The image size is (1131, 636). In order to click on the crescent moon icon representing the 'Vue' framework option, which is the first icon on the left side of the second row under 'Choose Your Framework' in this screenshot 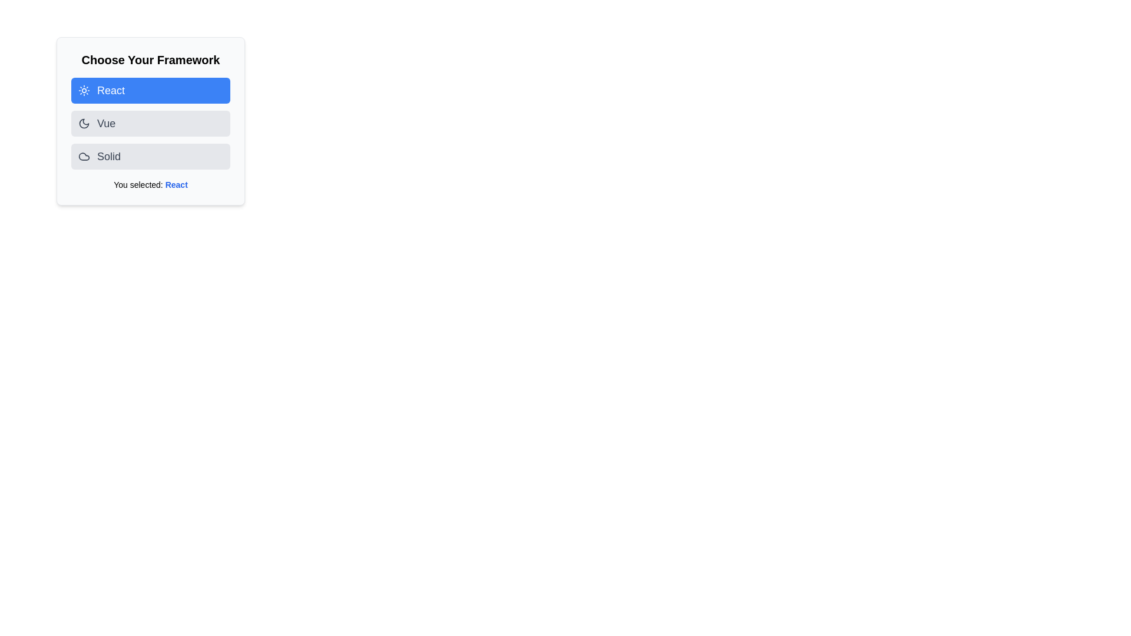, I will do `click(84, 123)`.